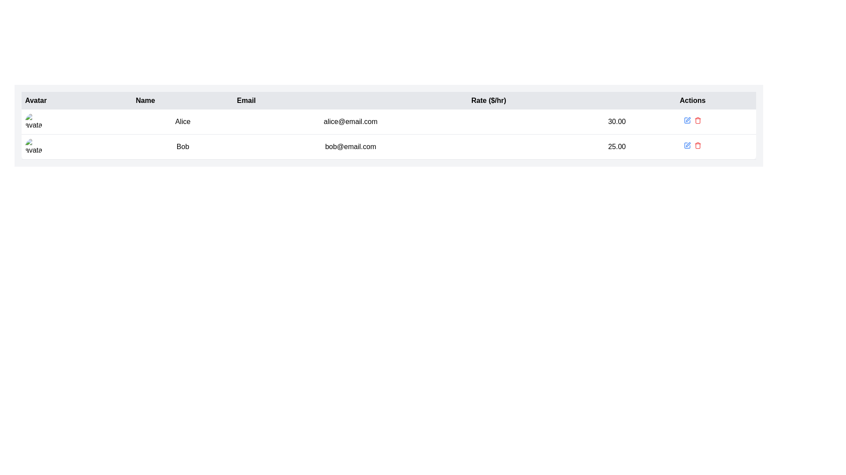 The image size is (846, 475). What do you see at coordinates (692, 100) in the screenshot?
I see `the Table Header Label displaying the word 'Actions', which is styled with a centered alignment in bold black font on a light gray background, located at the top-right corner of the table heading` at bounding box center [692, 100].